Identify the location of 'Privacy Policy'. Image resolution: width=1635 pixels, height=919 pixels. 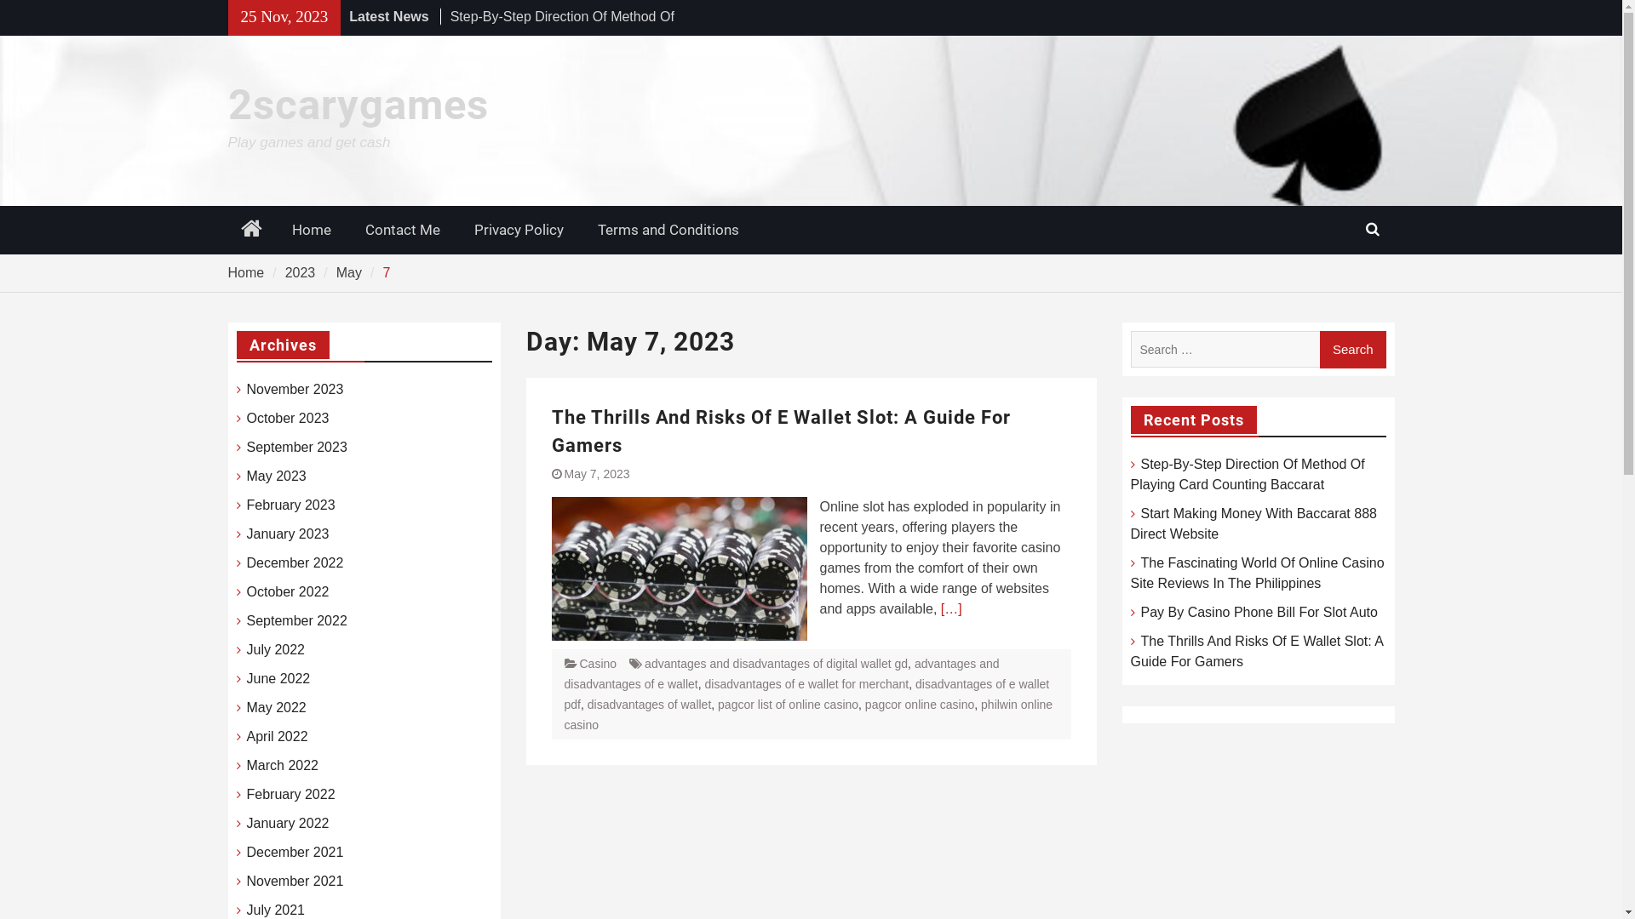
(517, 230).